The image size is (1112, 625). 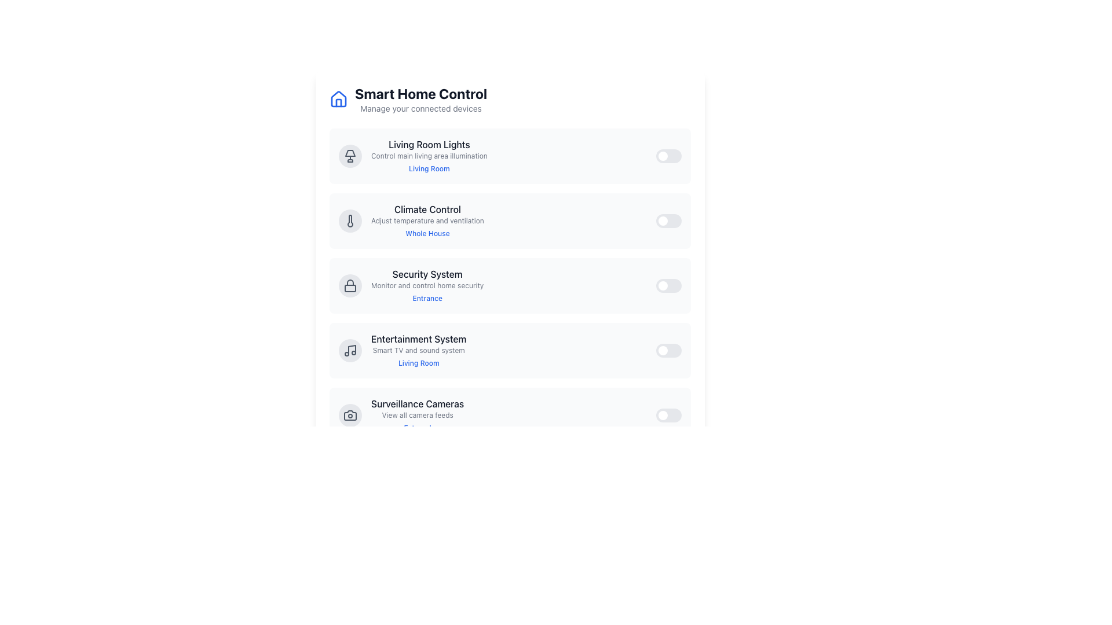 I want to click on the 'Climate Control' module, so click(x=427, y=220).